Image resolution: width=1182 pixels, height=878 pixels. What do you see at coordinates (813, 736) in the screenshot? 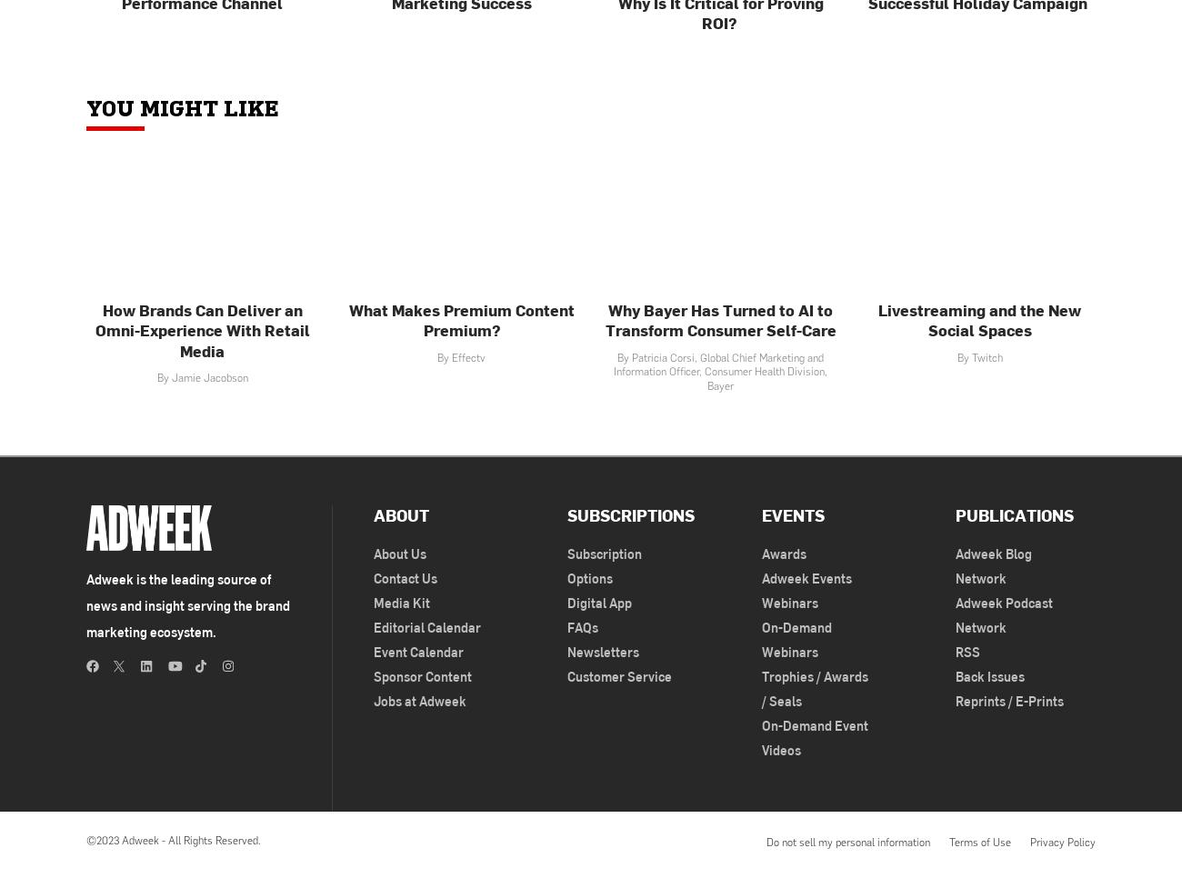
I see `'On-Demand Event Videos'` at bounding box center [813, 736].